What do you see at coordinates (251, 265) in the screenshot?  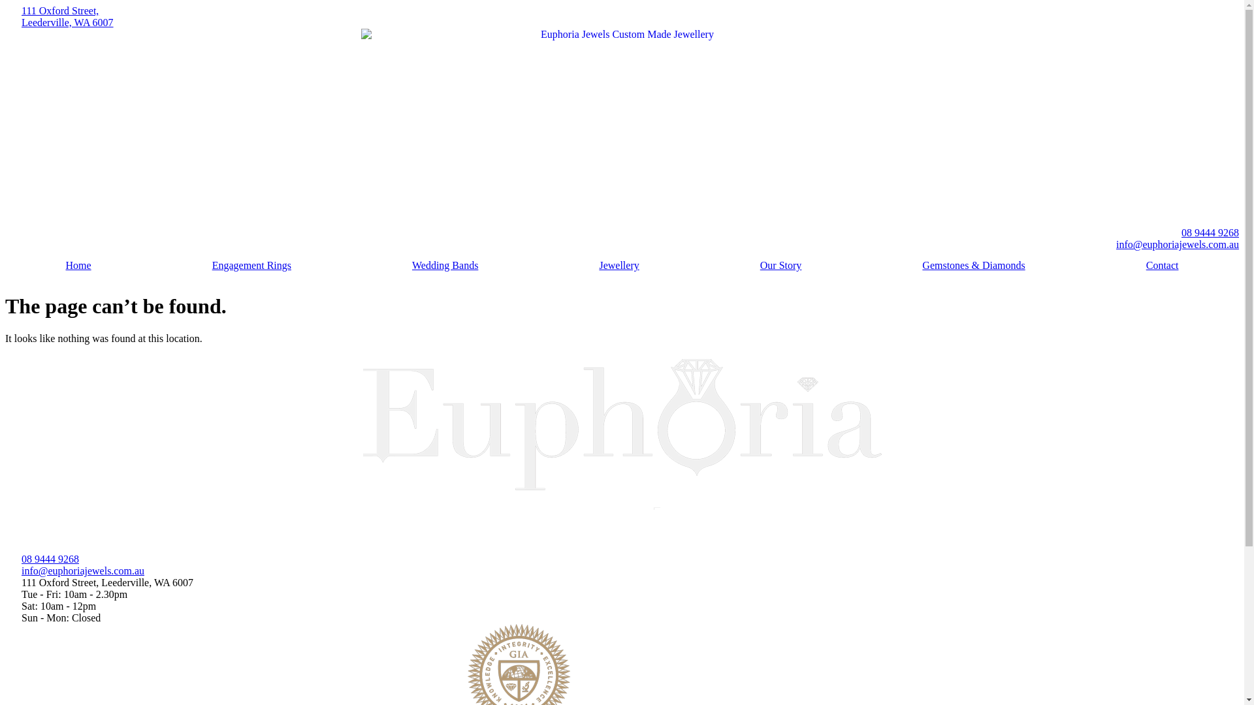 I see `'Engagement Rings'` at bounding box center [251, 265].